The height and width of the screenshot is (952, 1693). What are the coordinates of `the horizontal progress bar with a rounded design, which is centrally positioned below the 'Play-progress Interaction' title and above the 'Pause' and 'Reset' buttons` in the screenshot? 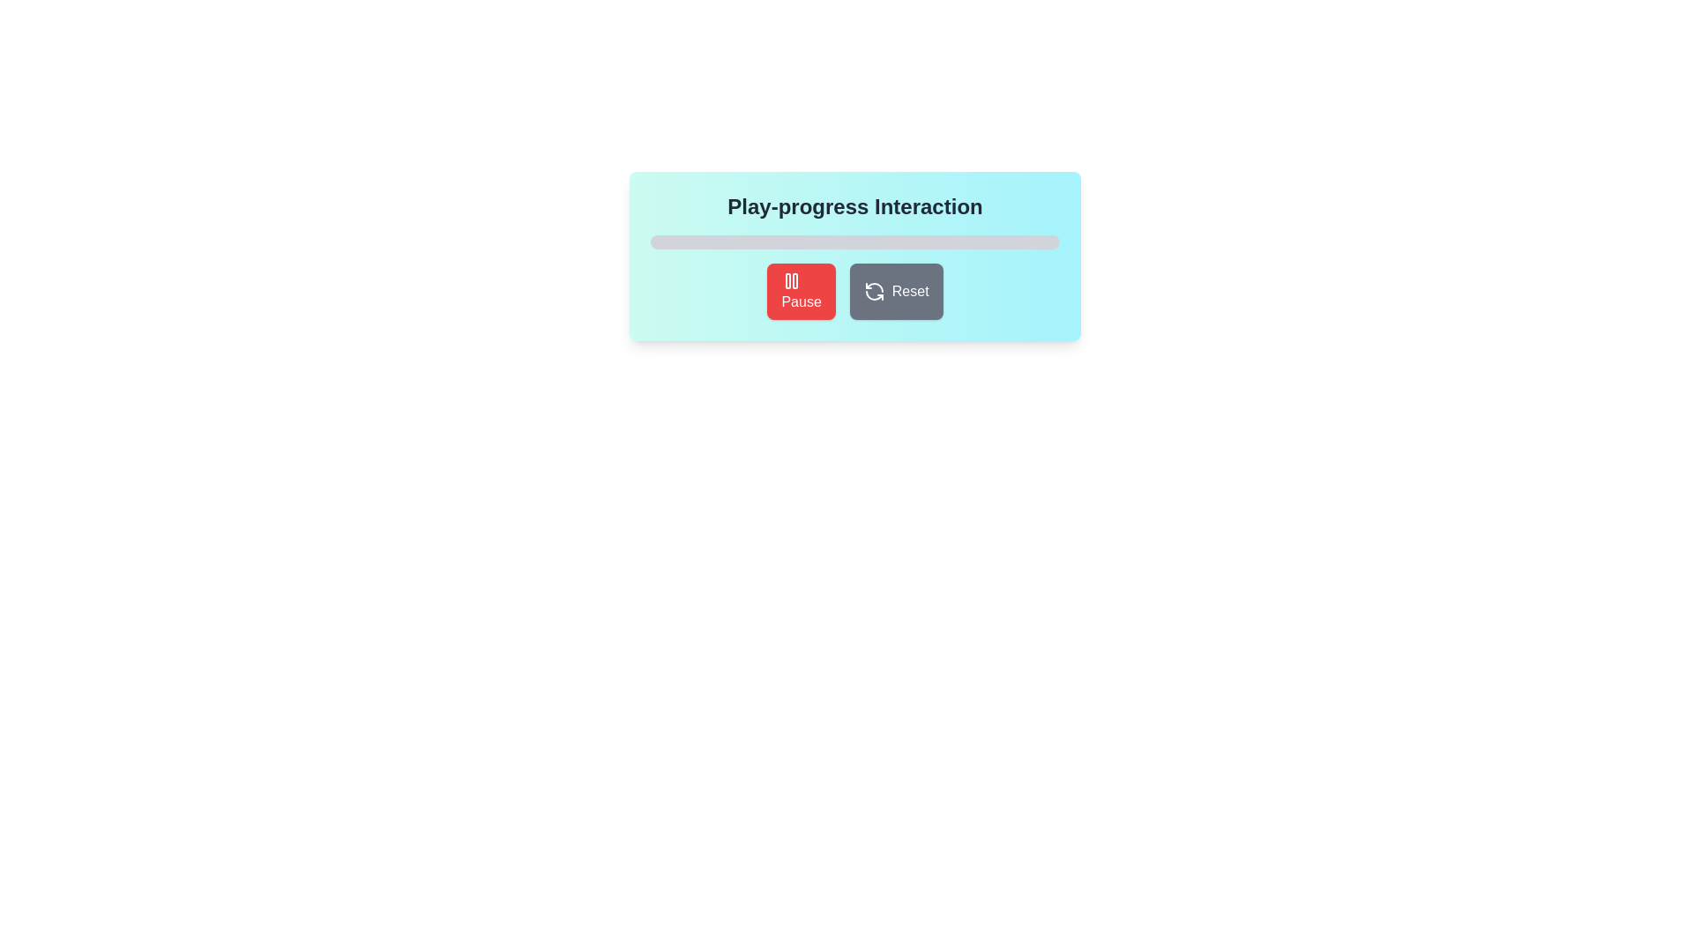 It's located at (854, 242).